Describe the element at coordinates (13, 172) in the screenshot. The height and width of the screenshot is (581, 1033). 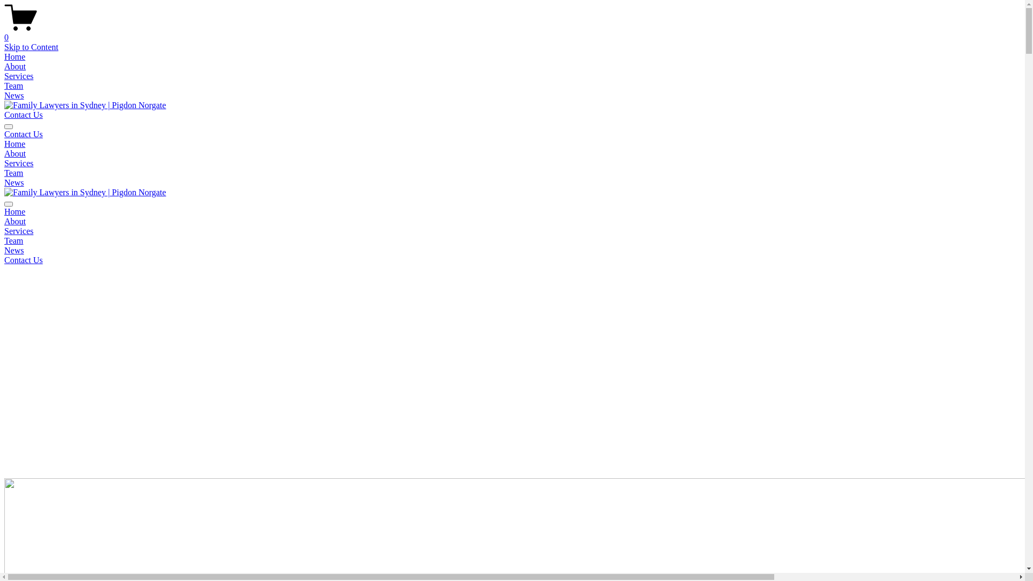
I see `'Team'` at that location.